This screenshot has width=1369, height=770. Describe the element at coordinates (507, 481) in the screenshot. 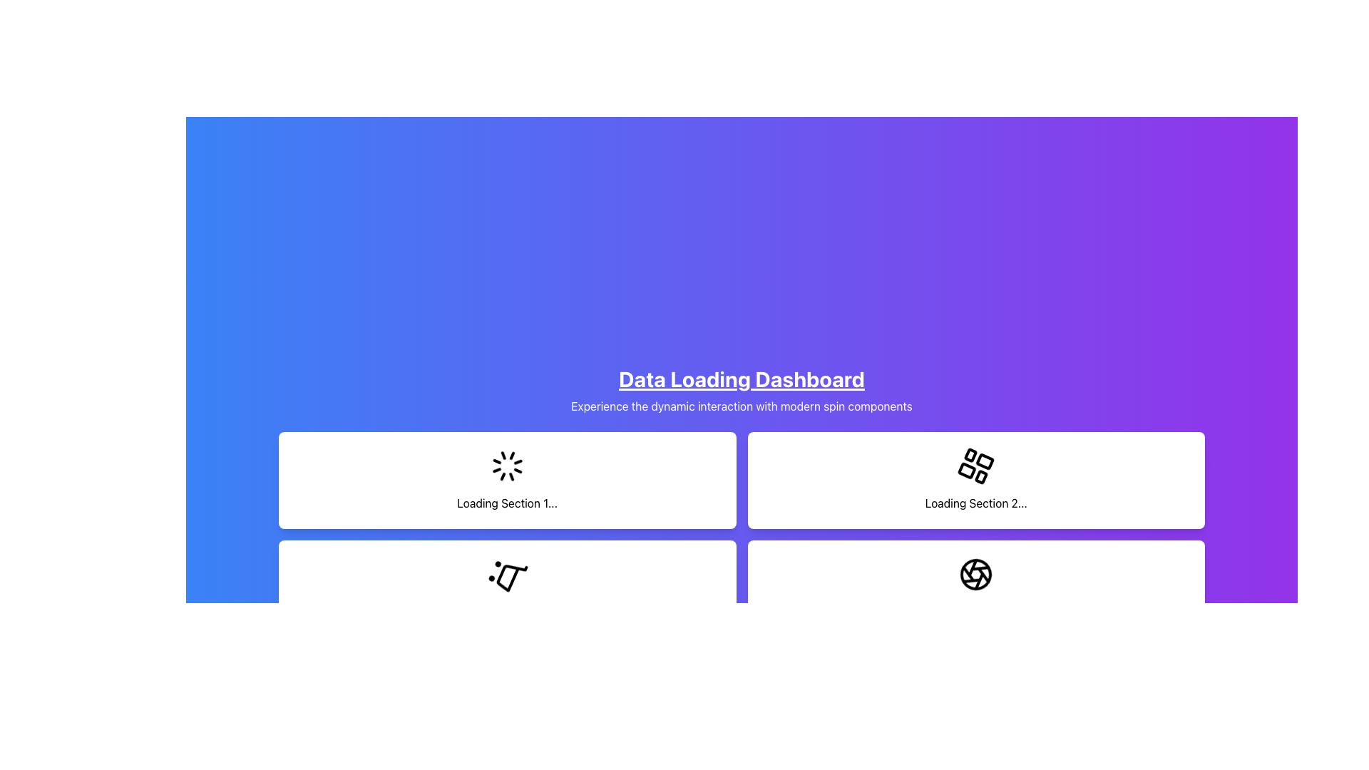

I see `status message from the informational visual card displaying 'Loading Section 1...' located in the top-left position of the grid` at that location.